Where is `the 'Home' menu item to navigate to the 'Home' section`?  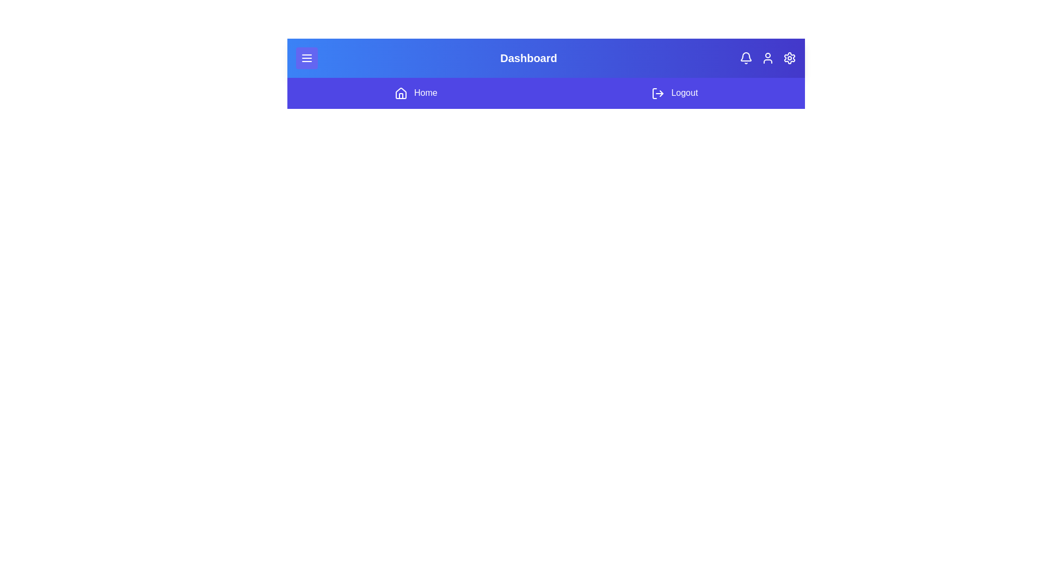 the 'Home' menu item to navigate to the 'Home' section is located at coordinates (415, 92).